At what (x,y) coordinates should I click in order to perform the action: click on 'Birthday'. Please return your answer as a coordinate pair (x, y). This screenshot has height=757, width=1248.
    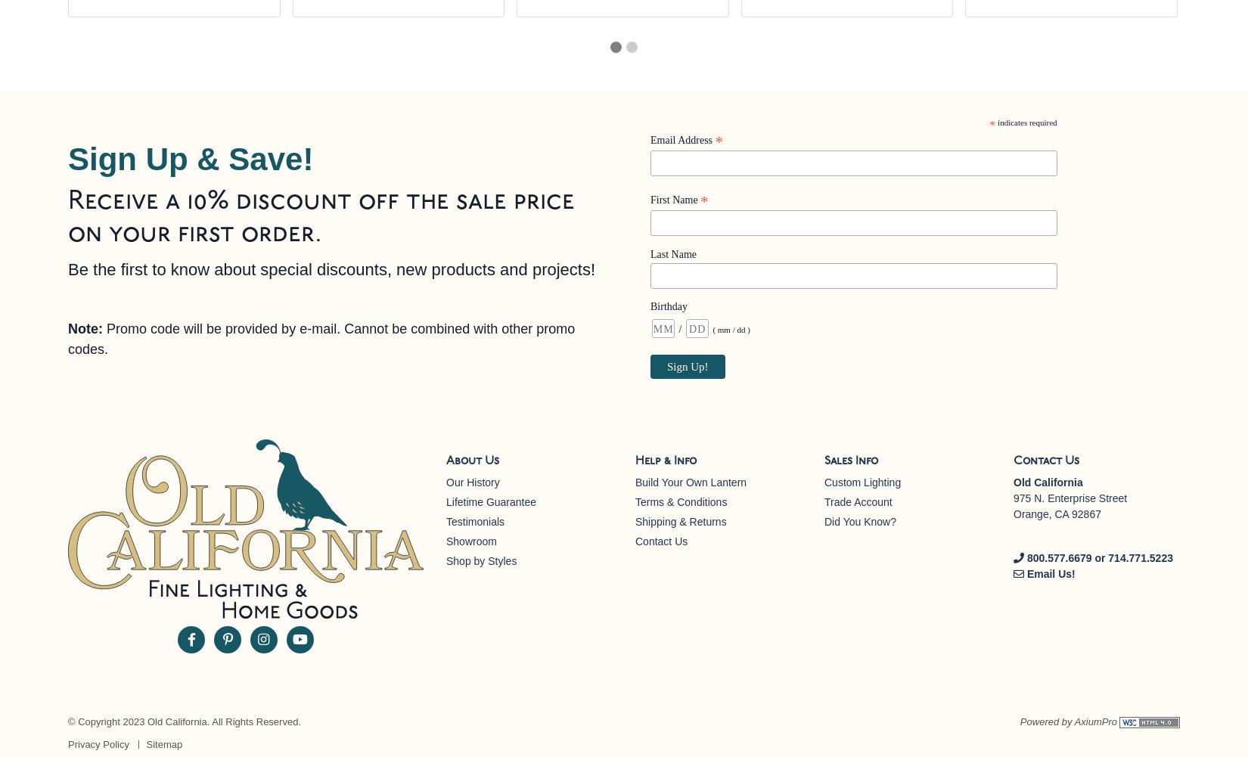
    Looking at the image, I should click on (669, 306).